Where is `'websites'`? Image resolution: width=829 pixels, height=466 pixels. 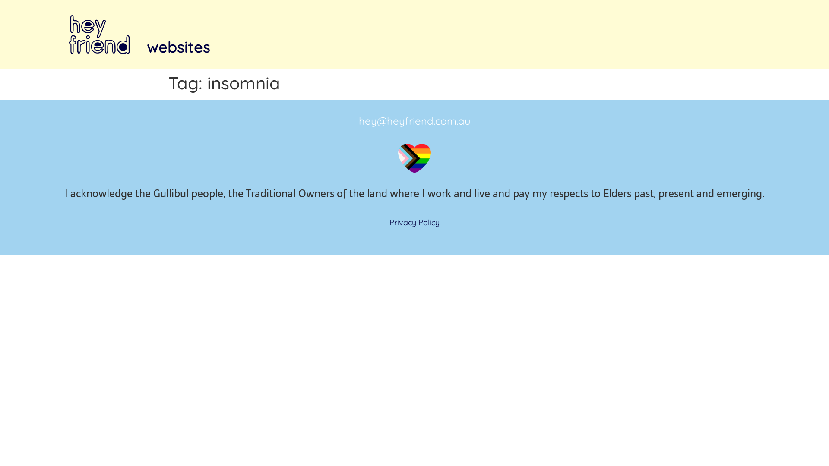 'websites' is located at coordinates (178, 47).